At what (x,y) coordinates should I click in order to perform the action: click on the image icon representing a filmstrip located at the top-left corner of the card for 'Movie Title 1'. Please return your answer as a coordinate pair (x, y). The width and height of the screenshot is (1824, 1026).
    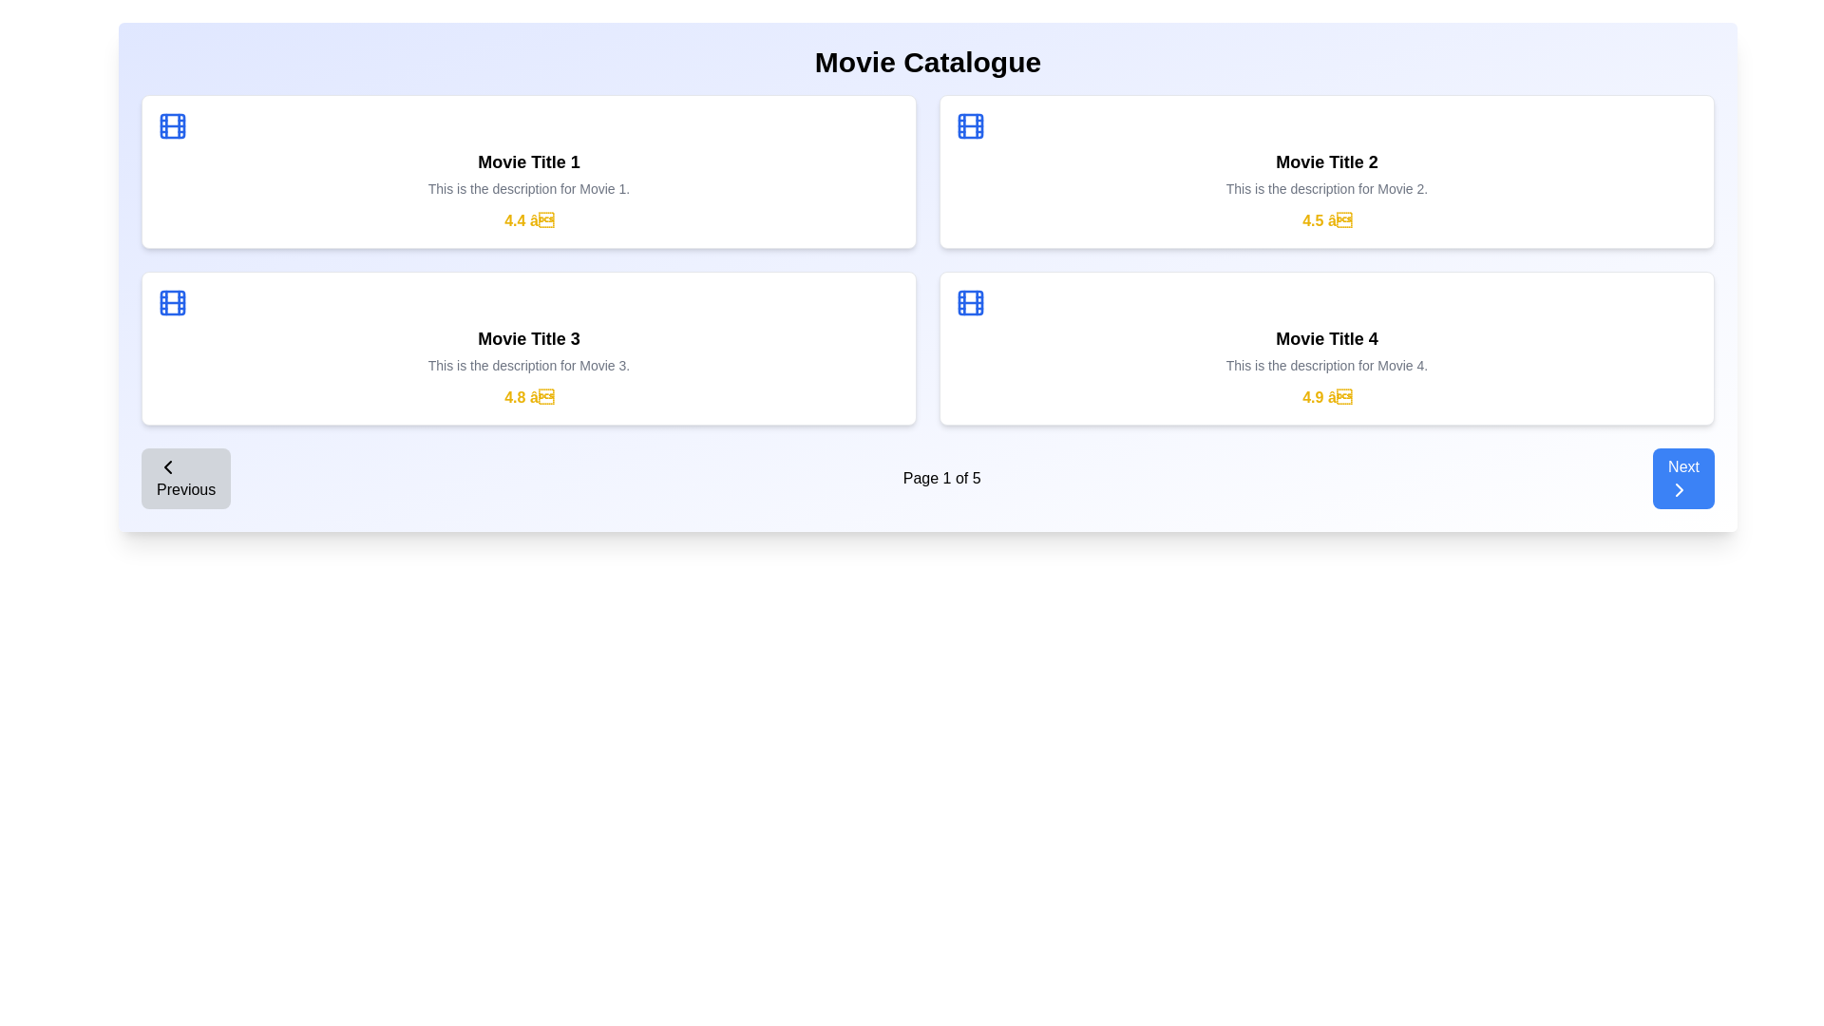
    Looking at the image, I should click on (173, 125).